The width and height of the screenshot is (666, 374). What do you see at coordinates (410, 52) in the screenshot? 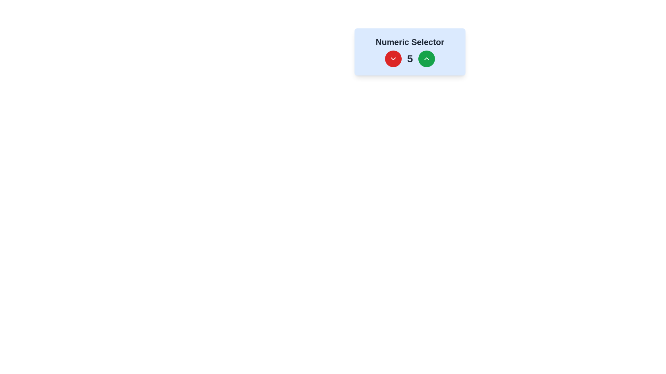
I see `the green button on the numeric selector component to increase the displayed number` at bounding box center [410, 52].